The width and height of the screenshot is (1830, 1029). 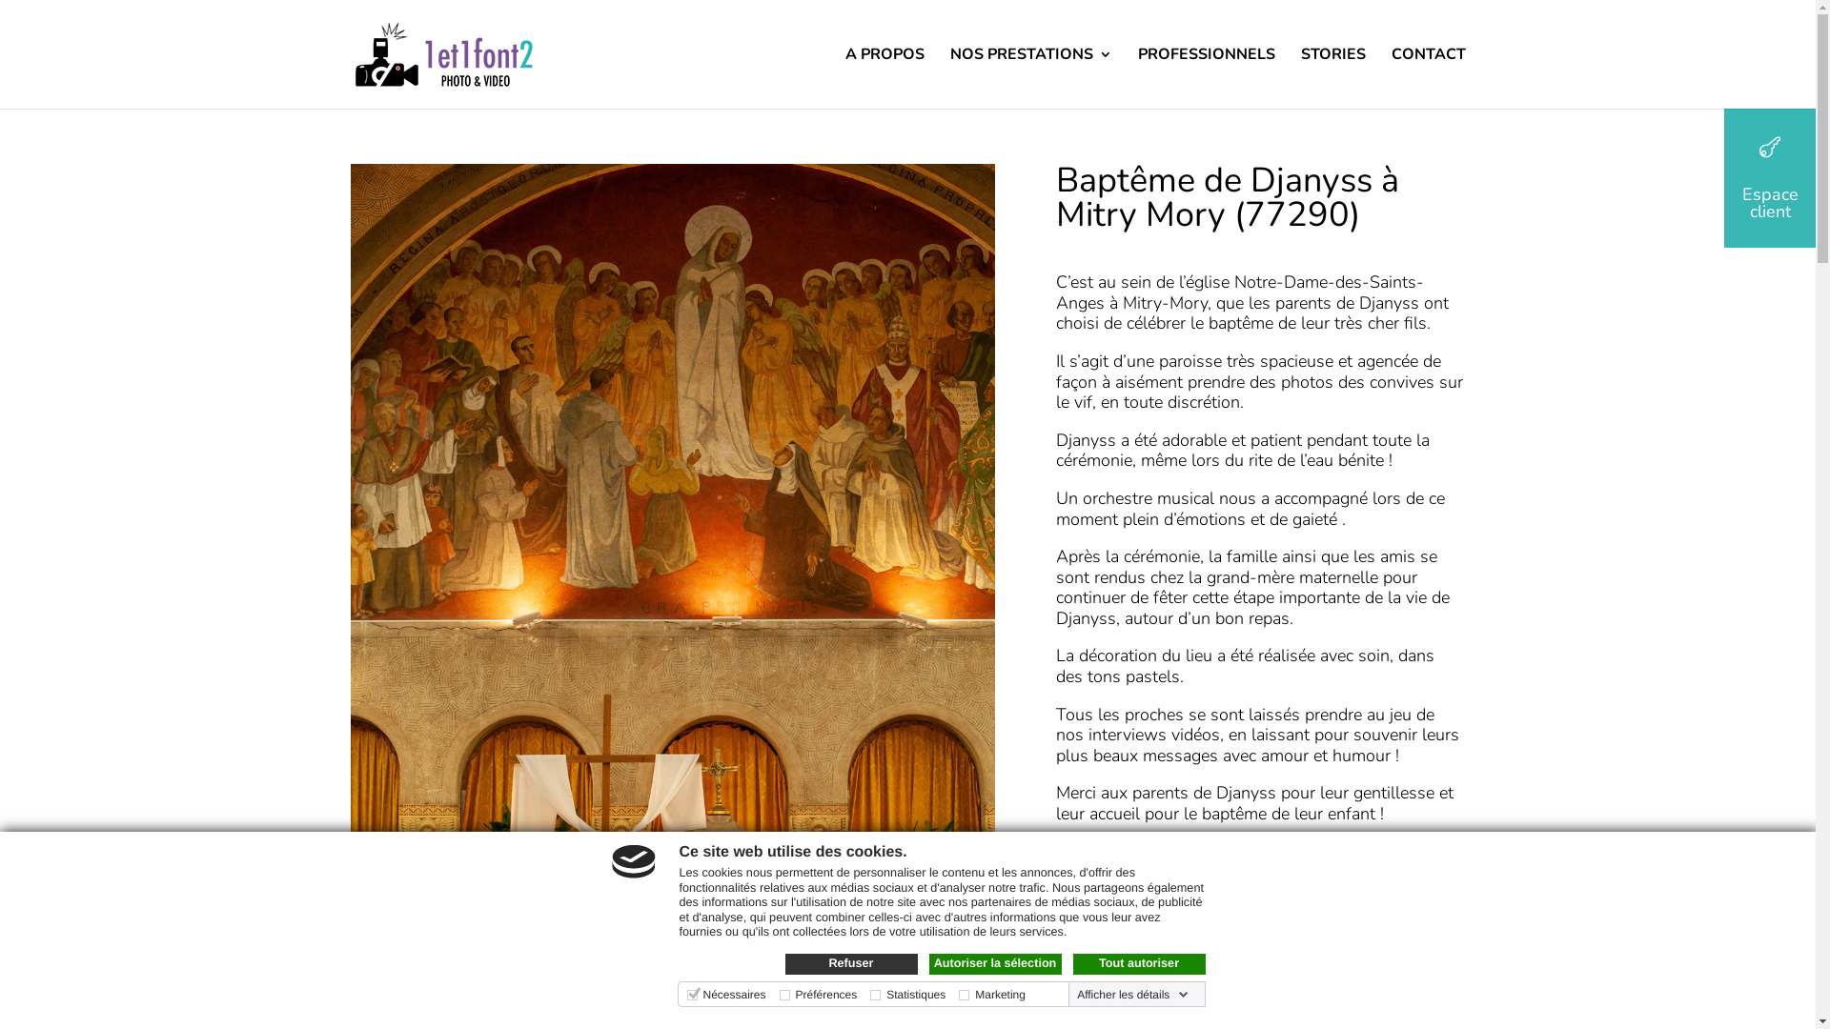 I want to click on 'Tout autoriser', so click(x=1139, y=963).